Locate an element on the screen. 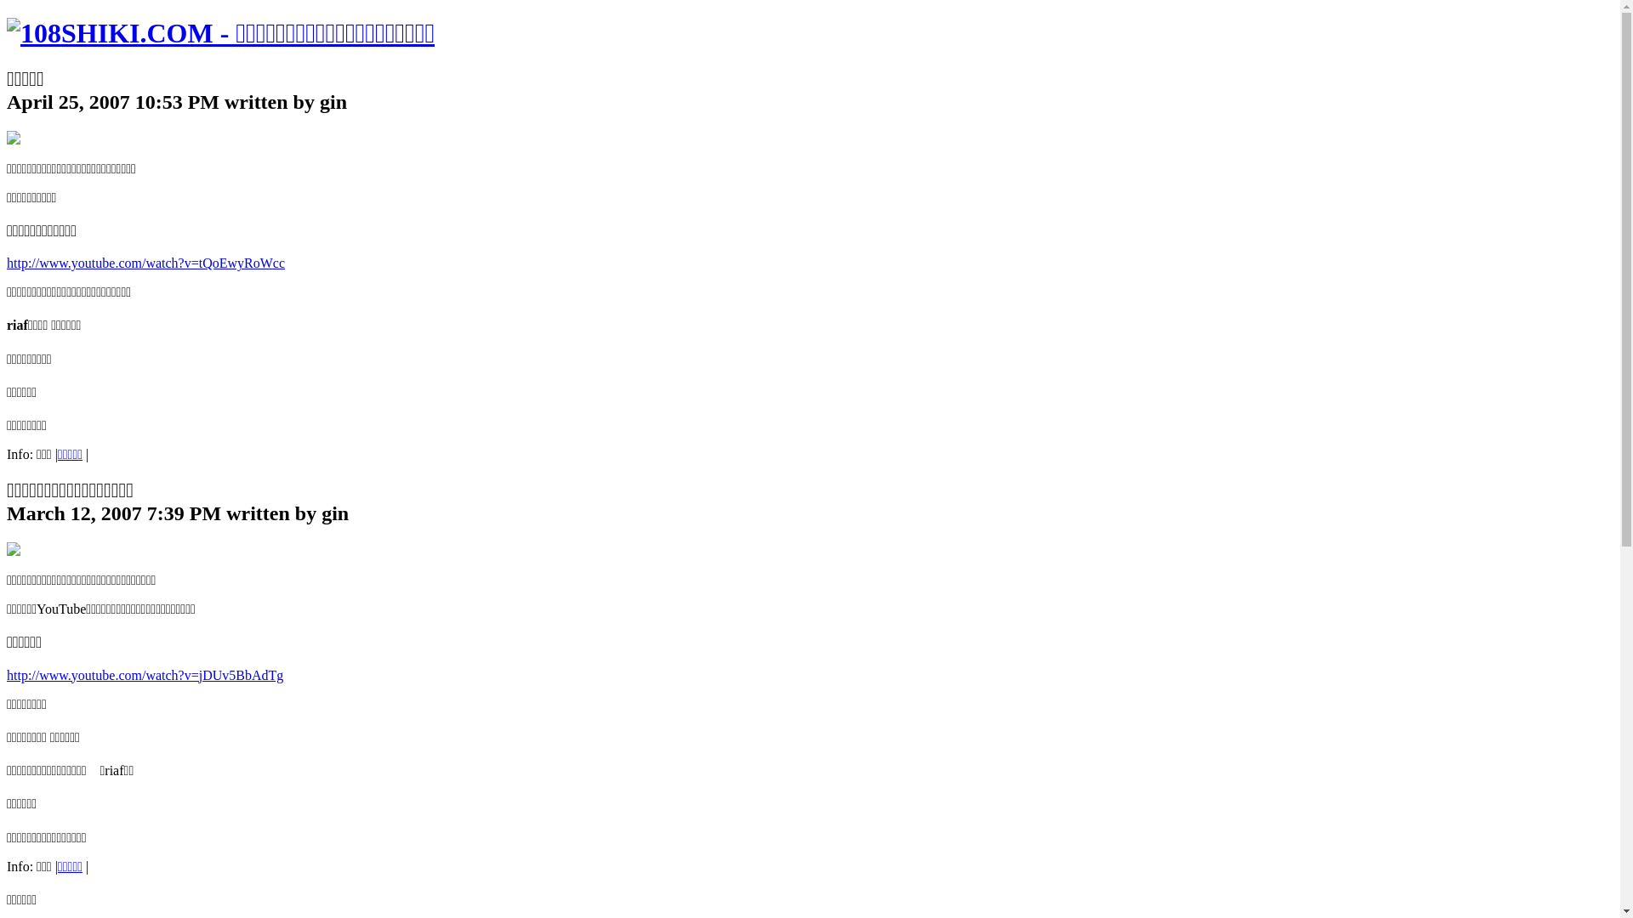  'http://www.youtube.com/watch?v=jDUv5BbAdTg' is located at coordinates (145, 674).